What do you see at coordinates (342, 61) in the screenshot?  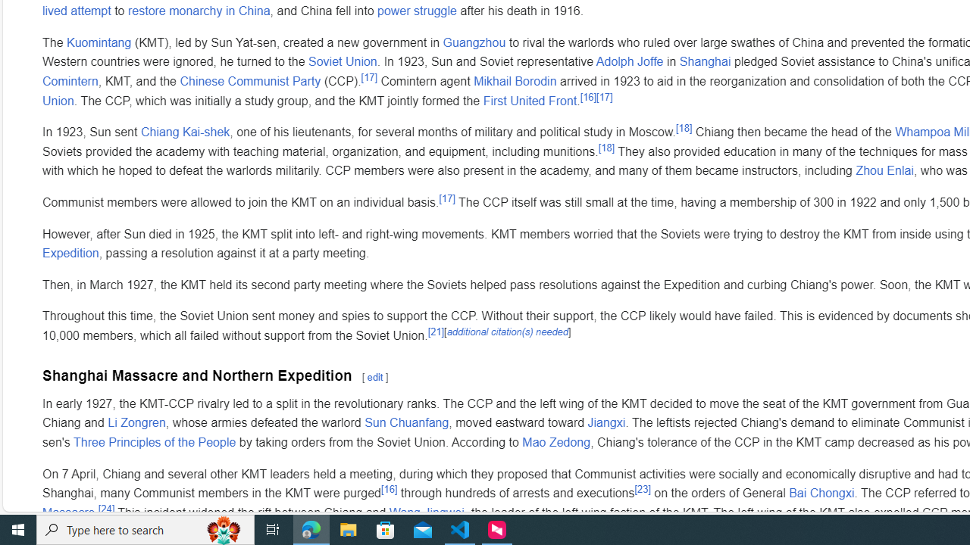 I see `'Soviet Union'` at bounding box center [342, 61].